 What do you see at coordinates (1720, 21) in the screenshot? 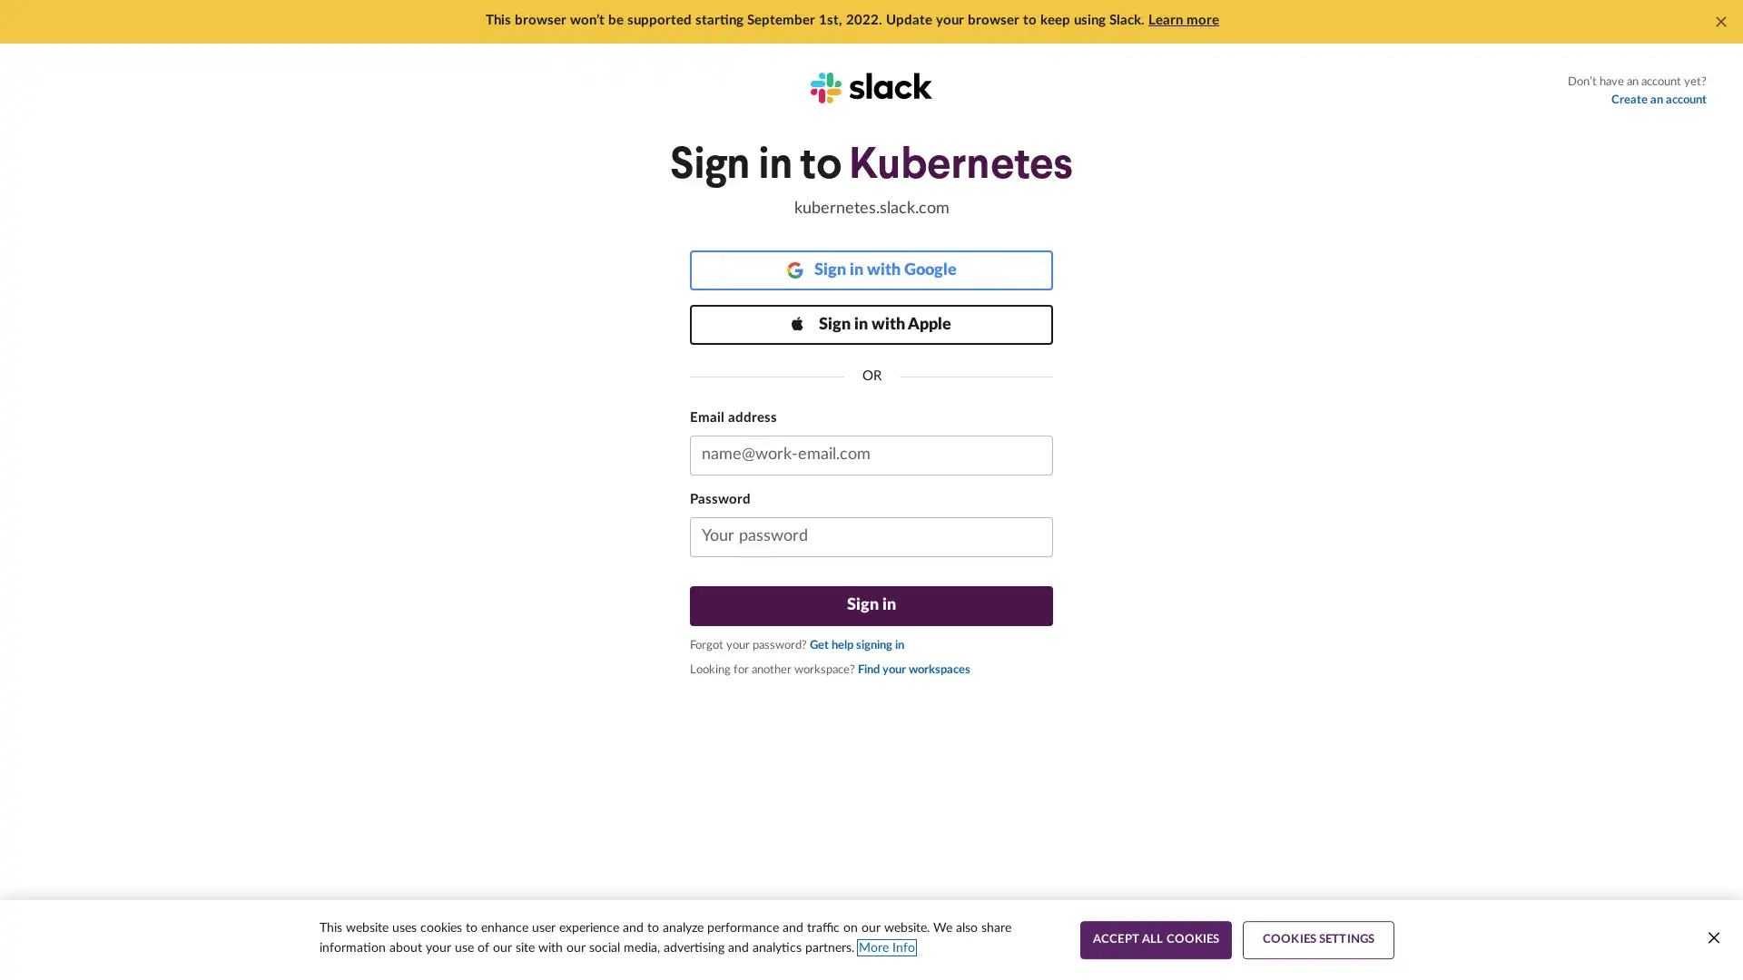
I see `Dismiss` at bounding box center [1720, 21].